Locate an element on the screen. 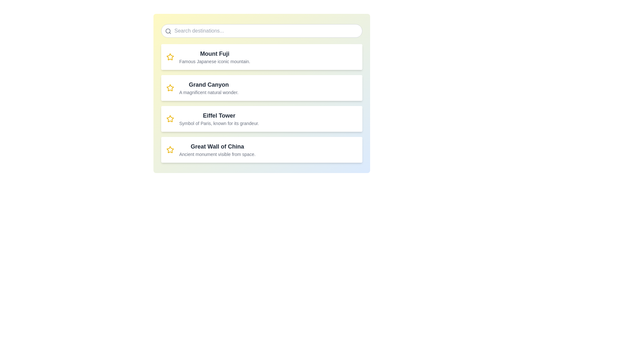 The width and height of the screenshot is (619, 348). the star icon associated with the 'Eiffel Tower' entry in the vertical list is located at coordinates (170, 119).